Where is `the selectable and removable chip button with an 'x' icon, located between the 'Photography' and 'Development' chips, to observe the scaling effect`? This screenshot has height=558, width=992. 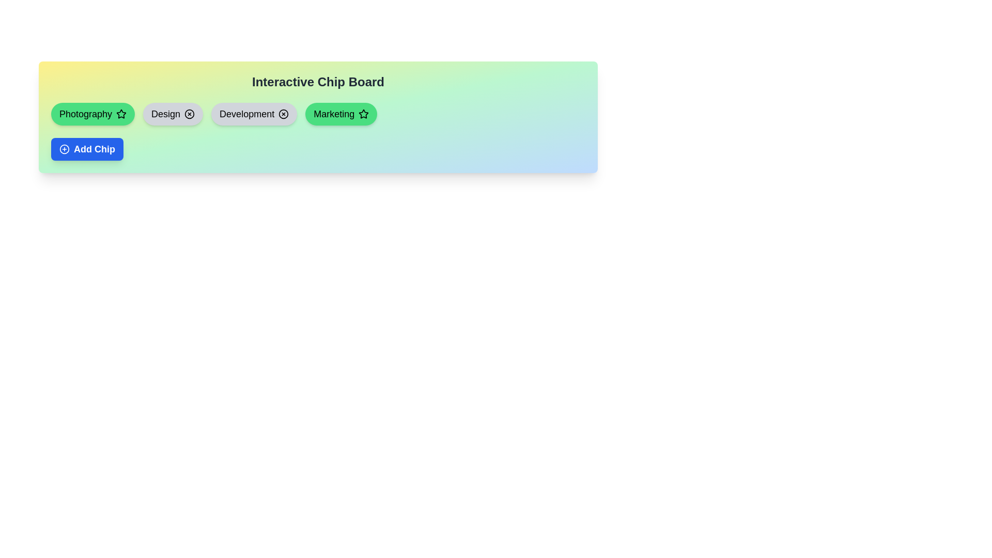
the selectable and removable chip button with an 'x' icon, located between the 'Photography' and 'Development' chips, to observe the scaling effect is located at coordinates (173, 114).